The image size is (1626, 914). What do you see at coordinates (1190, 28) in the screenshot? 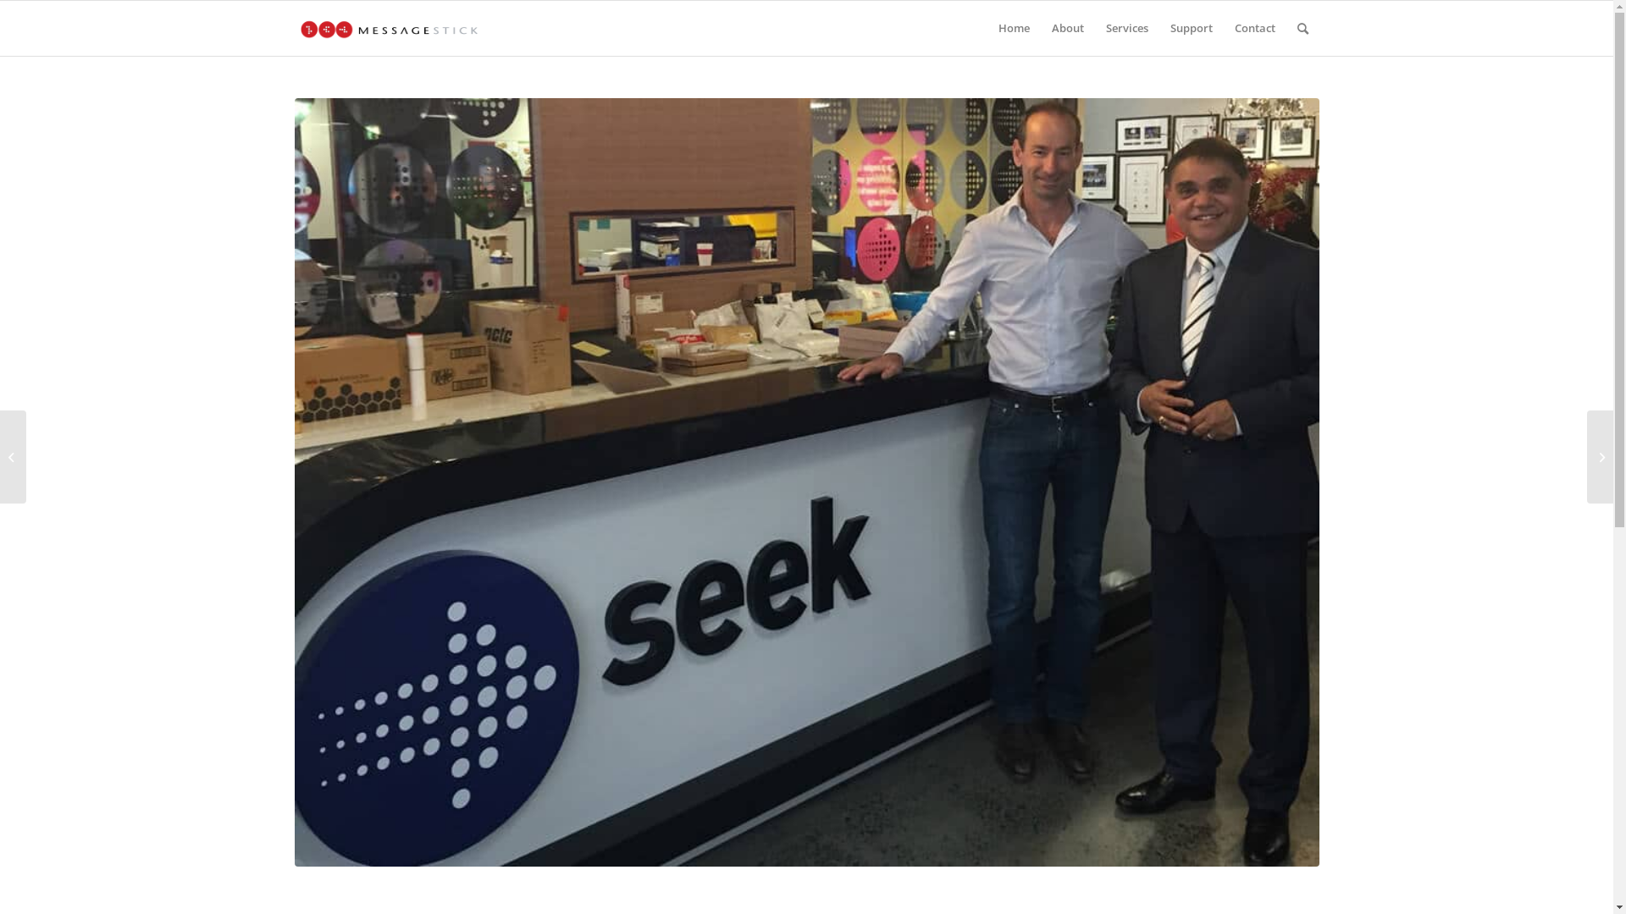
I see `'Support'` at bounding box center [1190, 28].